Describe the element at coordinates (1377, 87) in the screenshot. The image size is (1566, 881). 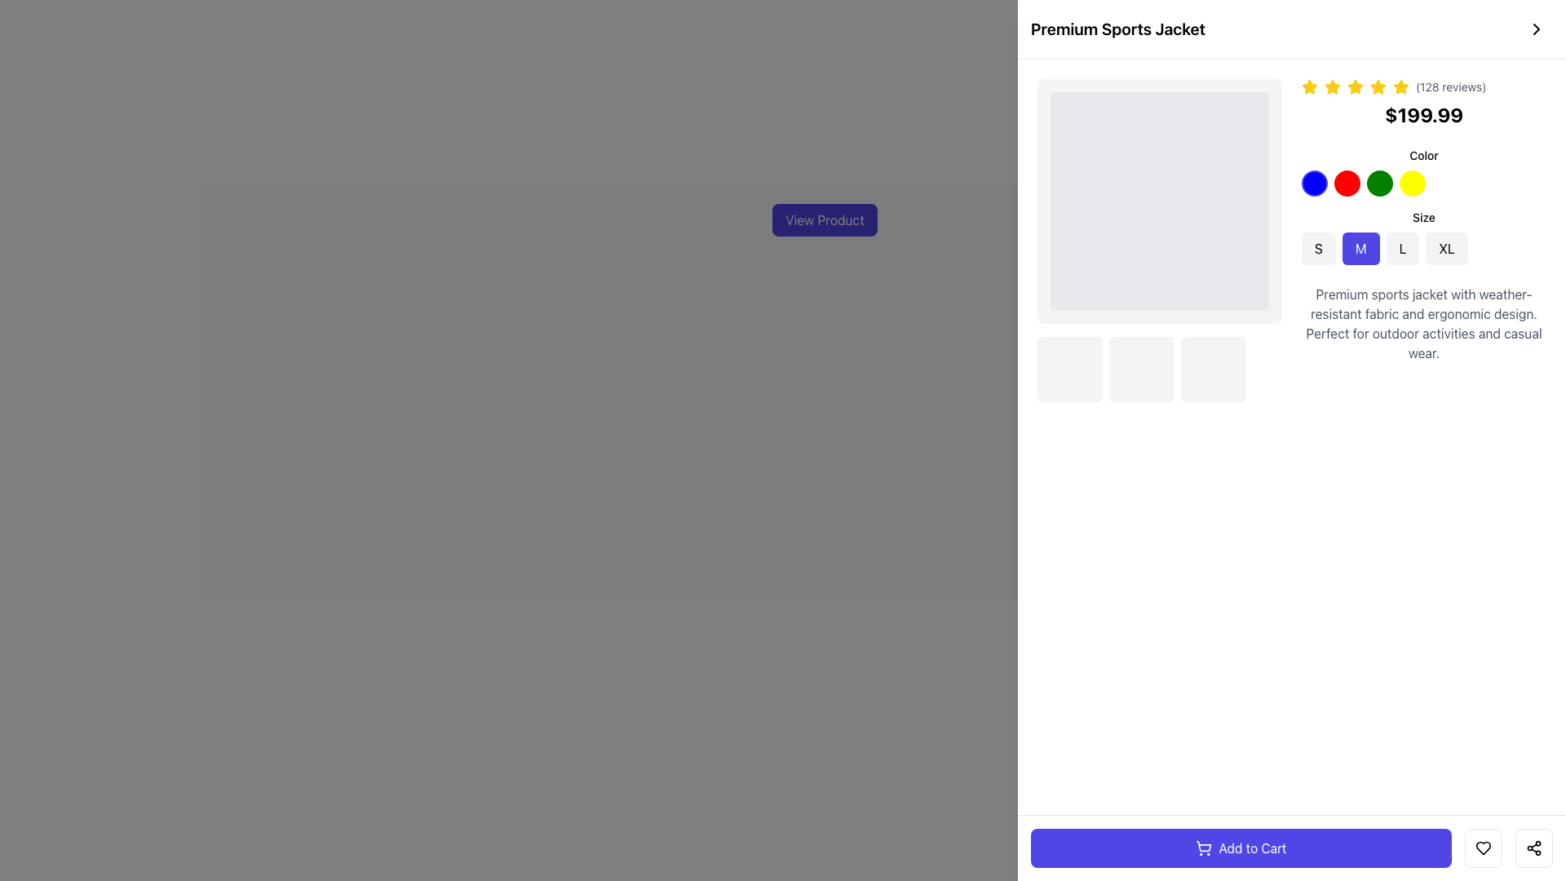
I see `the fifth star icon in the rating system, which is located to the right of the fourth star and to the left of the sixth star` at that location.